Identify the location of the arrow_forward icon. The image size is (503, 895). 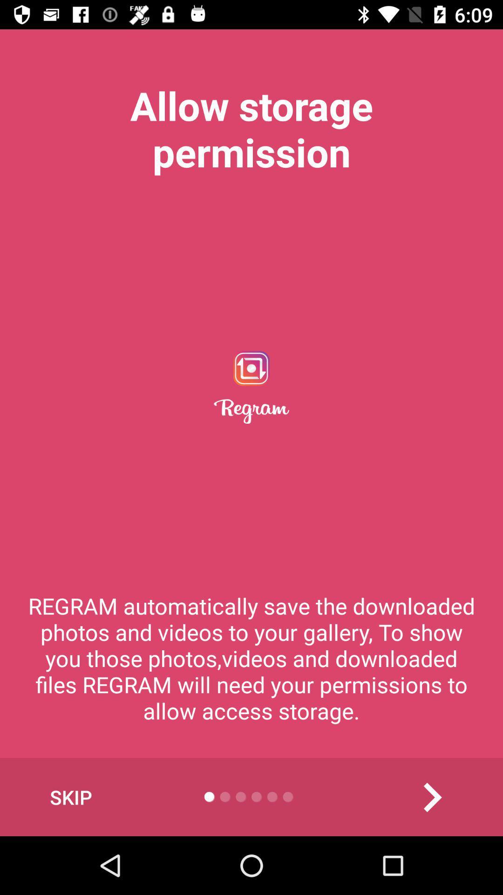
(432, 797).